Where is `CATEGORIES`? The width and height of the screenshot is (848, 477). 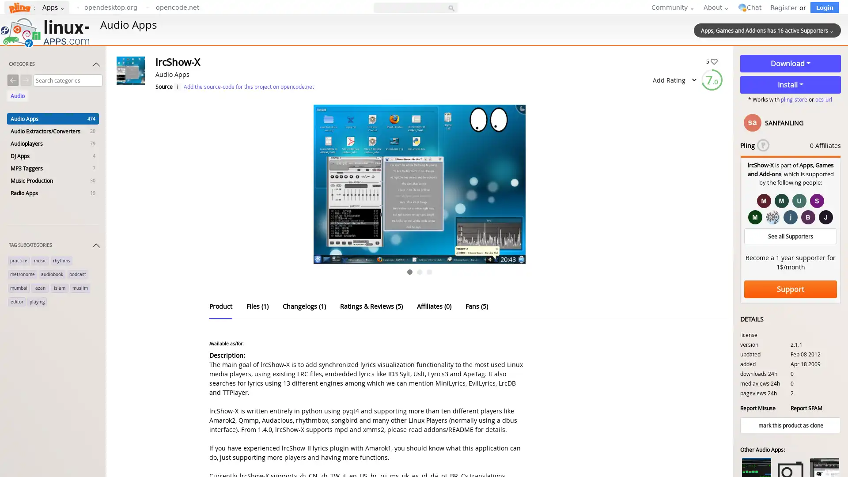
CATEGORIES is located at coordinates (54, 66).